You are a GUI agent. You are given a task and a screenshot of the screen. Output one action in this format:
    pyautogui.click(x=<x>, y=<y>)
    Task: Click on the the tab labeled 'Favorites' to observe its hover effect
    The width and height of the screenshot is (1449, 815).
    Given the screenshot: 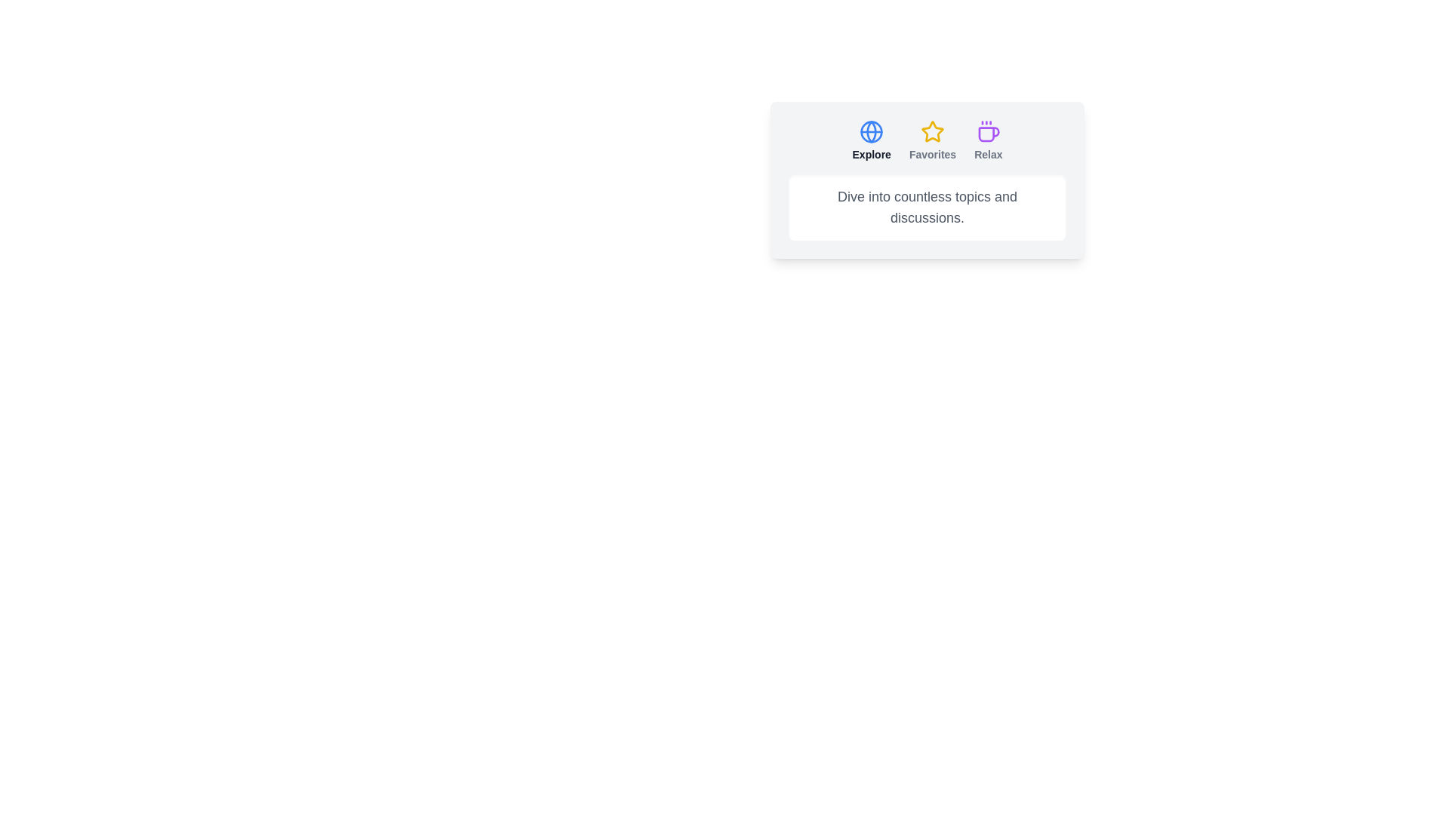 What is the action you would take?
    pyautogui.click(x=932, y=140)
    